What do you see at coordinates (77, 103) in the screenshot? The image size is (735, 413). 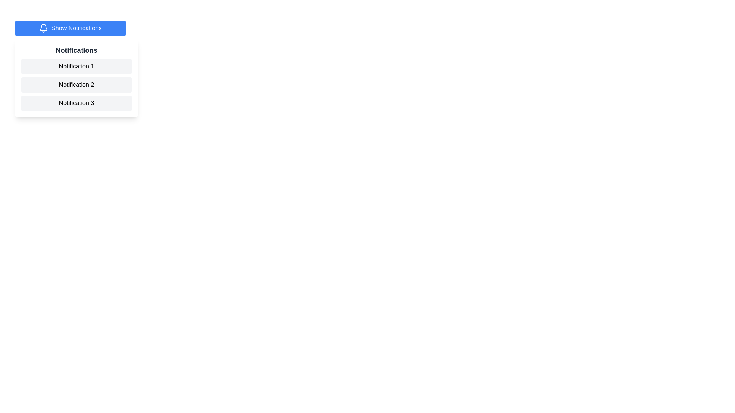 I see `the non-interactive visual display of 'Notification 3' located in the notifications list` at bounding box center [77, 103].